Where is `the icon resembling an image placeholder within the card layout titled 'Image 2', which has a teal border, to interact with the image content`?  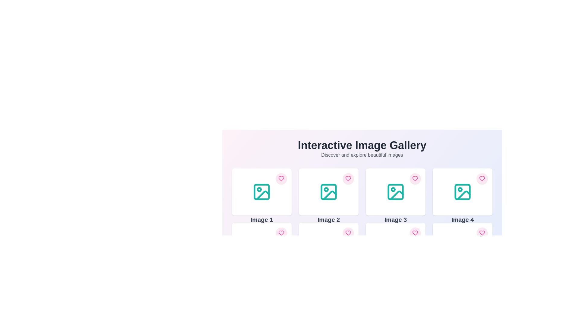
the icon resembling an image placeholder within the card layout titled 'Image 2', which has a teal border, to interact with the image content is located at coordinates (328, 192).